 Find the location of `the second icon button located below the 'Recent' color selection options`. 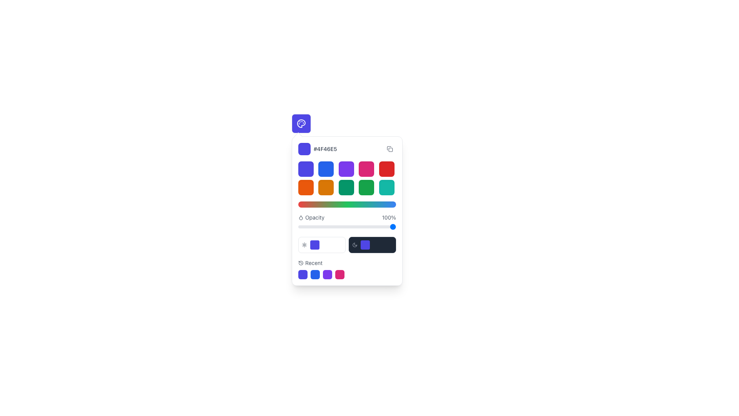

the second icon button located below the 'Recent' color selection options is located at coordinates (315, 274).